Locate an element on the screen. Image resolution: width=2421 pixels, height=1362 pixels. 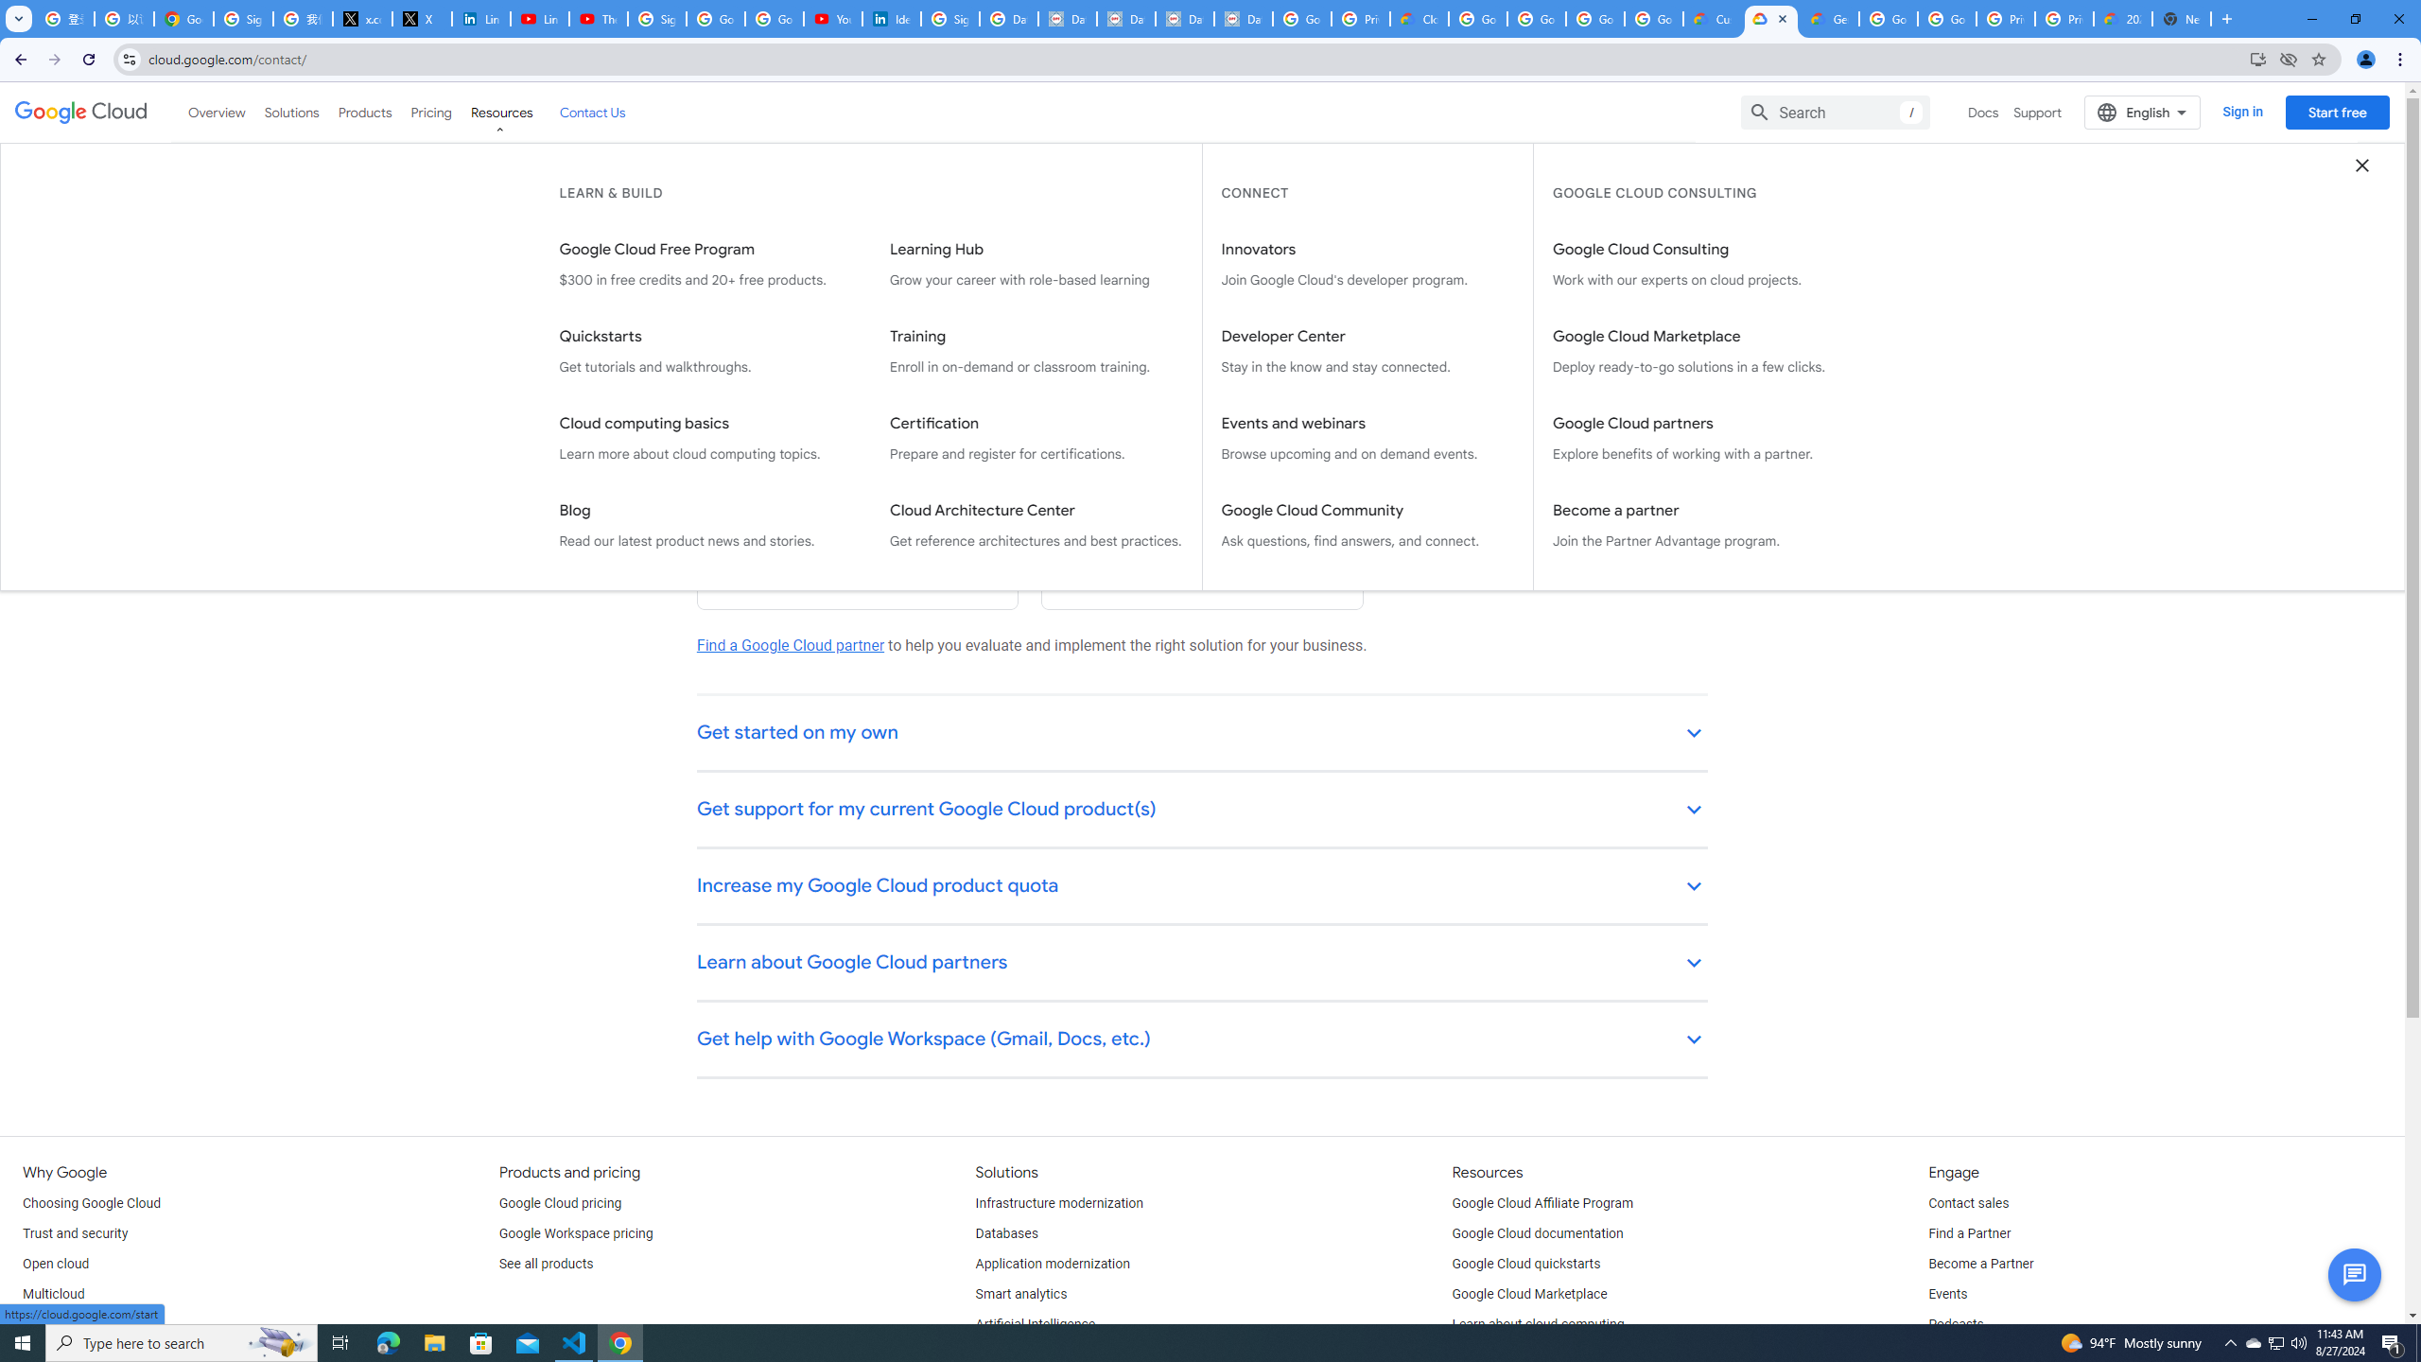
'Choosing Google Cloud' is located at coordinates (92, 1202).